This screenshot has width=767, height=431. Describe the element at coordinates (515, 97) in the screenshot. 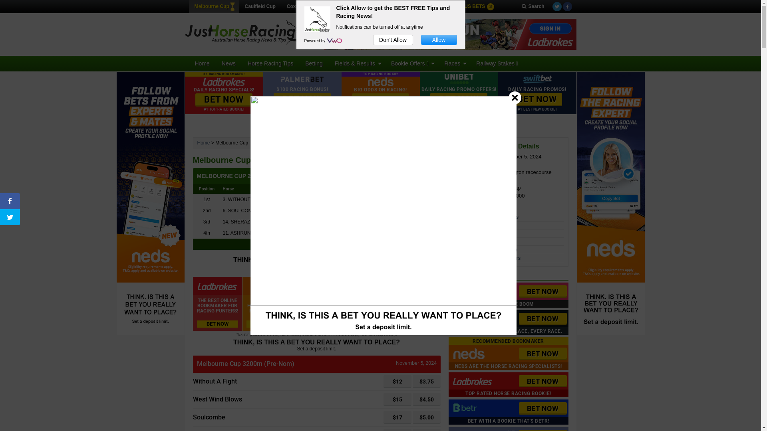

I see `'Close'` at that location.